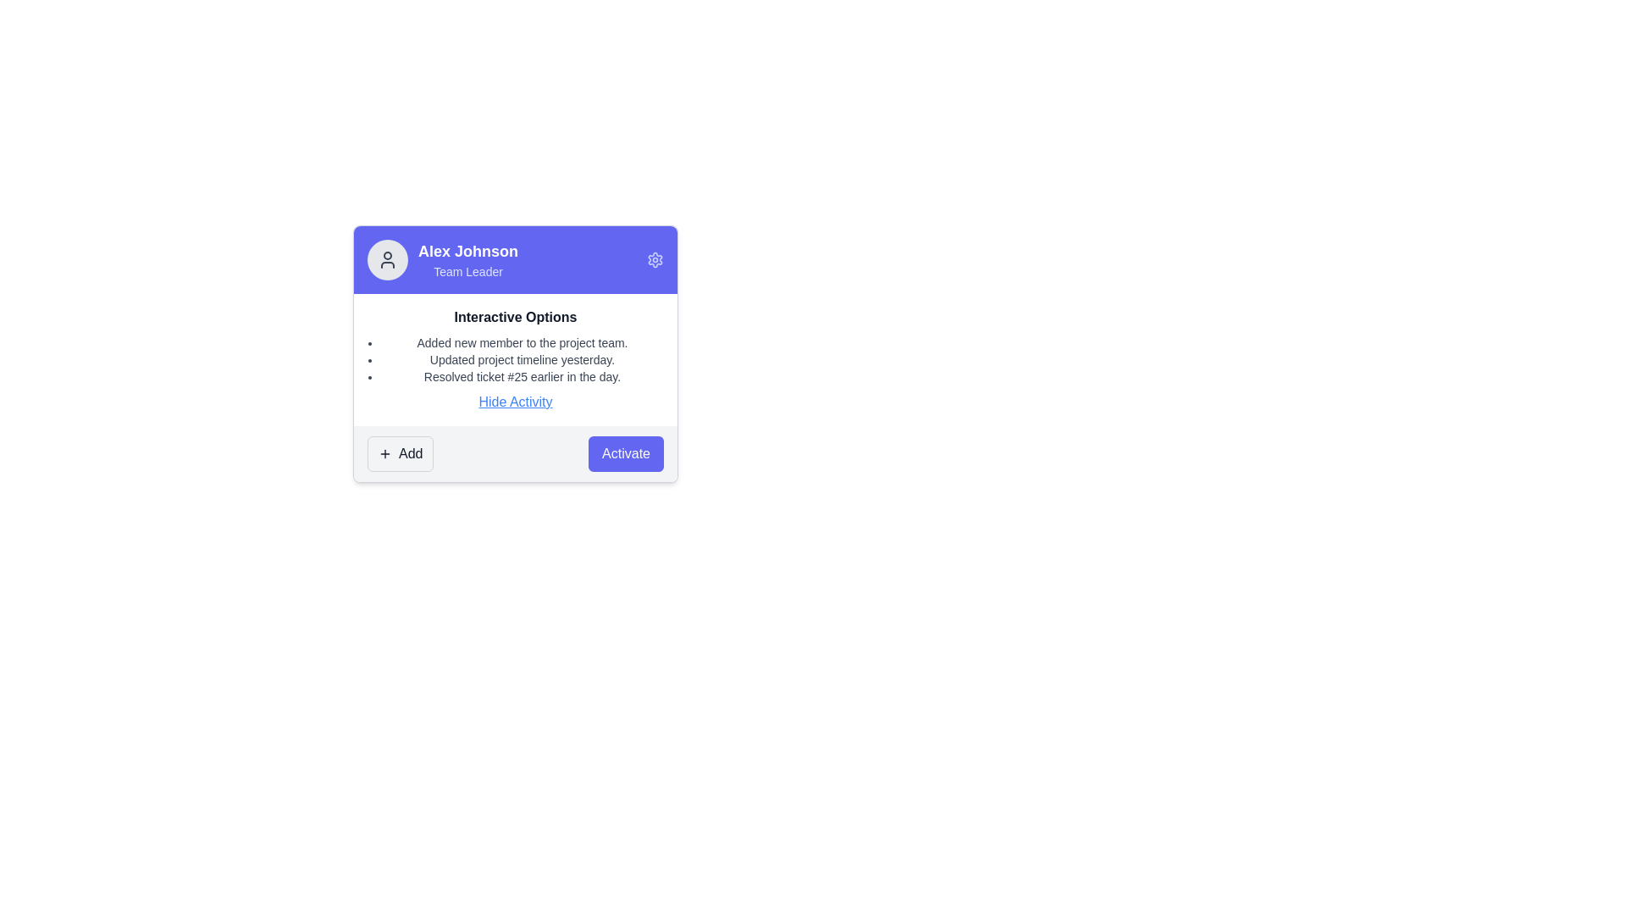  What do you see at coordinates (400, 453) in the screenshot?
I see `the 'Add' button, which is a rounded rectangle with a white background and gray border, located in the footer section of the user profile card` at bounding box center [400, 453].